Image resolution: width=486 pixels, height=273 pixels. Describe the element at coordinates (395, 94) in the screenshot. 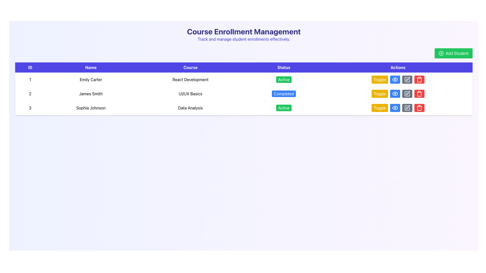

I see `the eye-shaped icon button with a blue background in the 'Actions' column of the second row` at that location.